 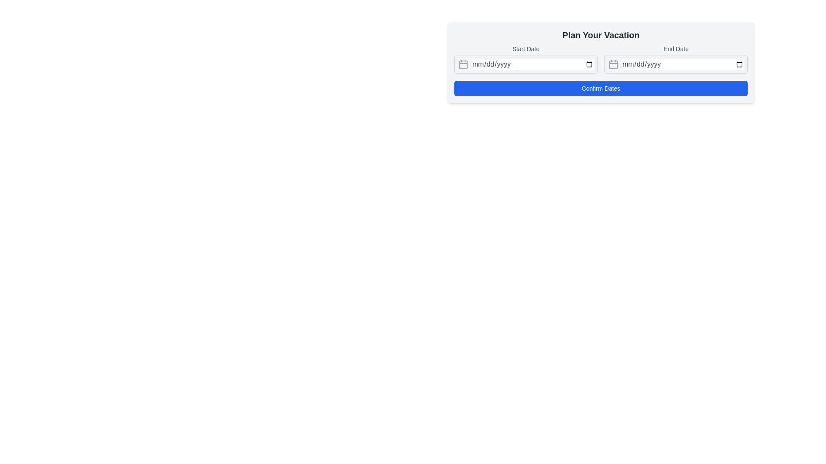 I want to click on the calendar icon with a gray outline located to the left of the 'End Date' input field in the 'Plan Your Vacation' UI module, so click(x=613, y=64).